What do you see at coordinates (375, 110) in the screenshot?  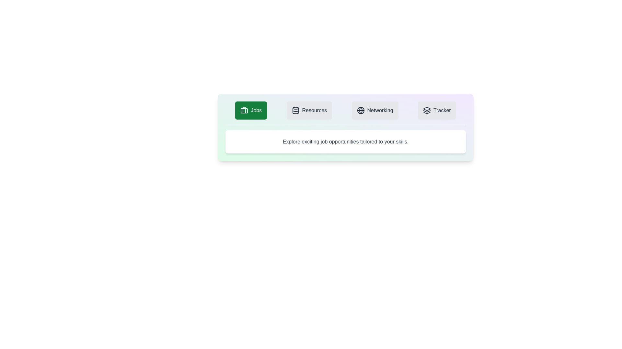 I see `the Networking tab by clicking on it` at bounding box center [375, 110].